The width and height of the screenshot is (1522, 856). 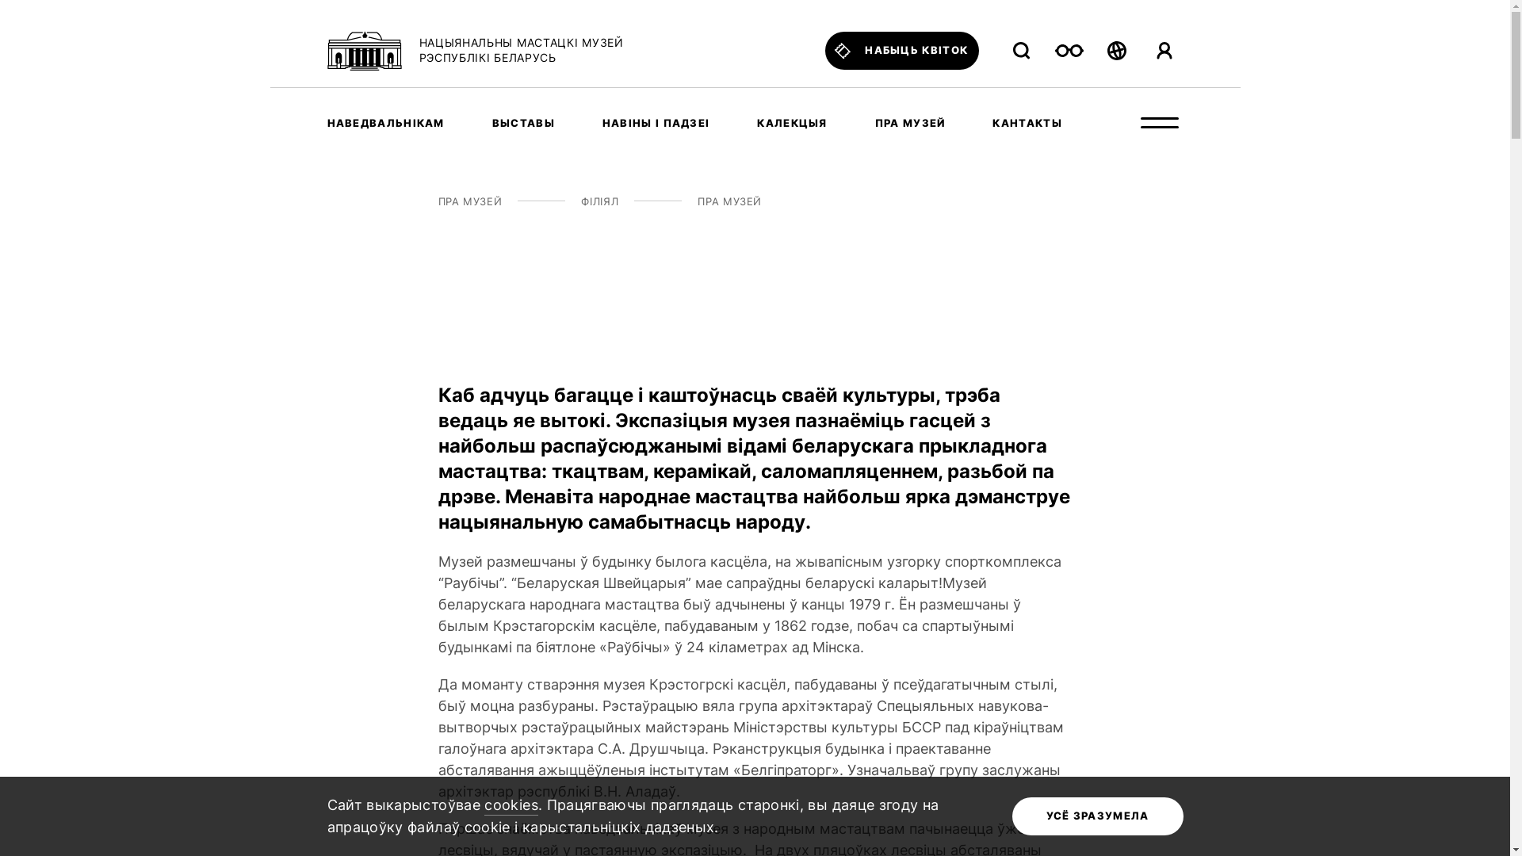 I want to click on 'cookies', so click(x=511, y=806).